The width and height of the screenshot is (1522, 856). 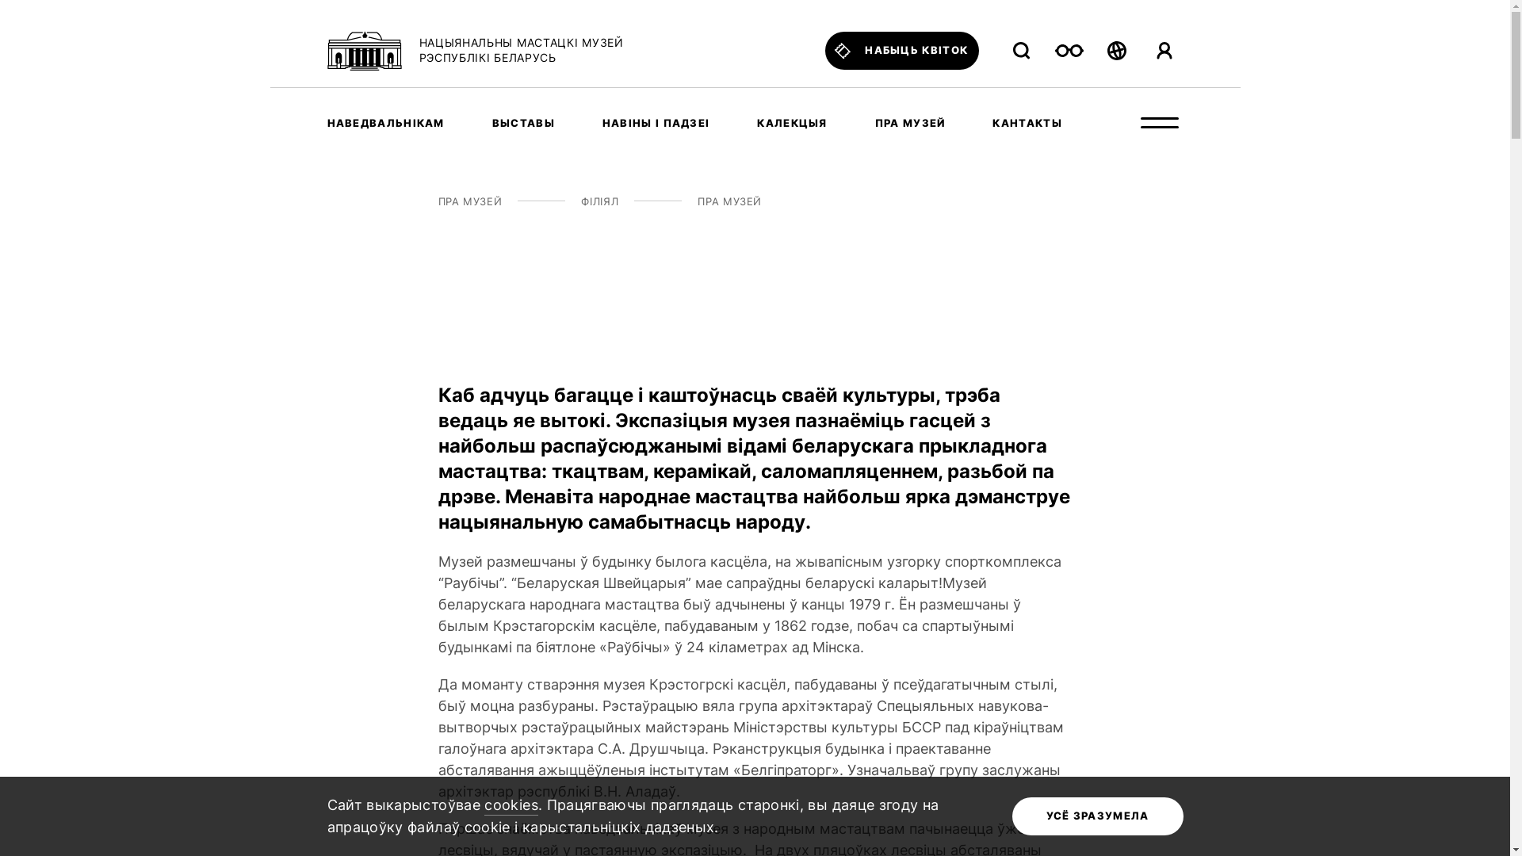 I want to click on 'cookies', so click(x=511, y=806).